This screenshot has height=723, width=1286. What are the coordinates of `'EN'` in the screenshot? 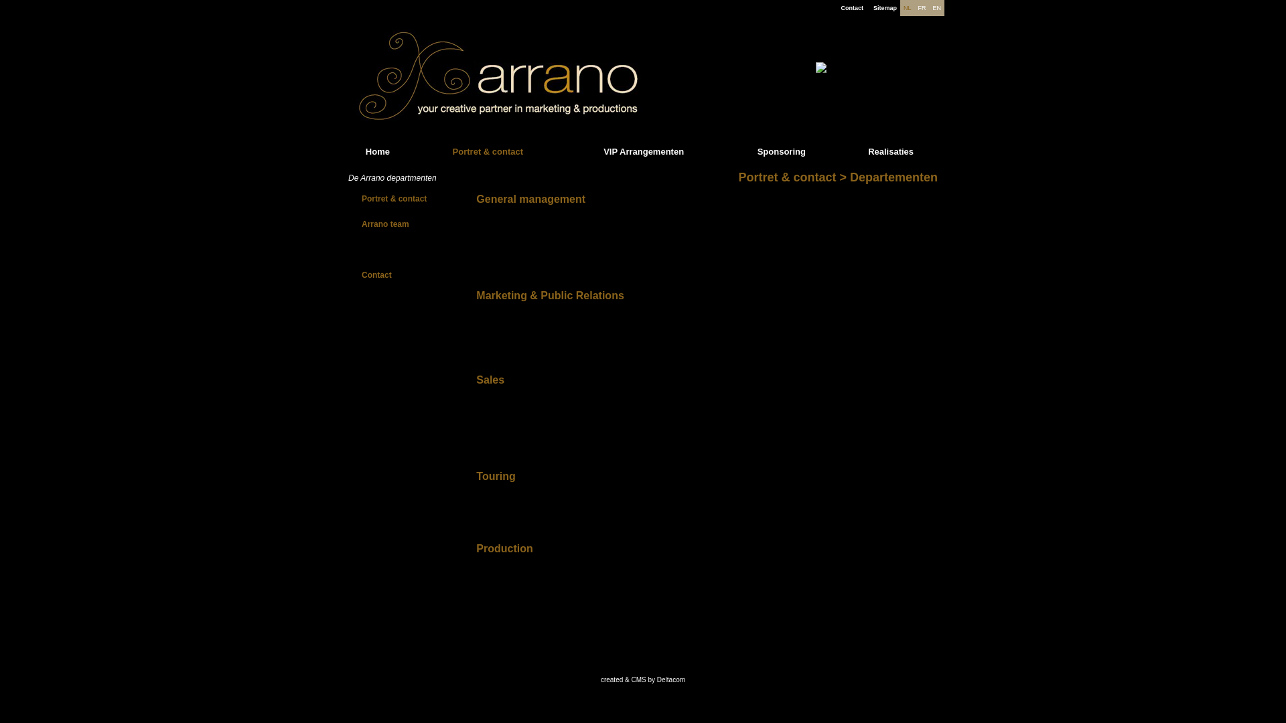 It's located at (936, 7).